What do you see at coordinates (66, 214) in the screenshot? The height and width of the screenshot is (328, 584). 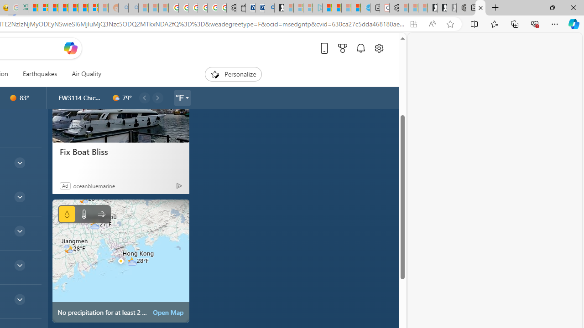 I see `'Precipitation'` at bounding box center [66, 214].